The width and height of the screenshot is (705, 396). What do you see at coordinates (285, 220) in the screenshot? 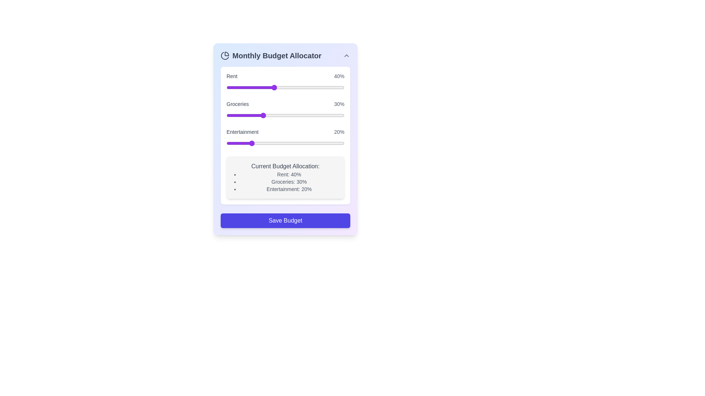
I see `the 'Save Budget' button to save the changes` at bounding box center [285, 220].